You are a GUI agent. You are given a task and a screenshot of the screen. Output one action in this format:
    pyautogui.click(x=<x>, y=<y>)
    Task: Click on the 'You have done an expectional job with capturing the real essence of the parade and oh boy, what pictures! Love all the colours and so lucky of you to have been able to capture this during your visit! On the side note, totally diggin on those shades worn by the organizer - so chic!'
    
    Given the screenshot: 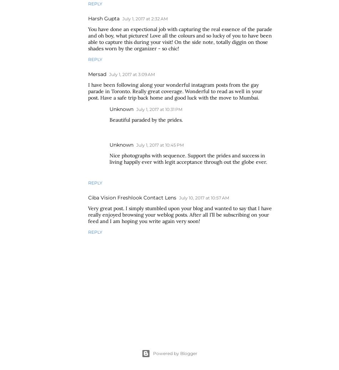 What is the action you would take?
    pyautogui.click(x=180, y=38)
    